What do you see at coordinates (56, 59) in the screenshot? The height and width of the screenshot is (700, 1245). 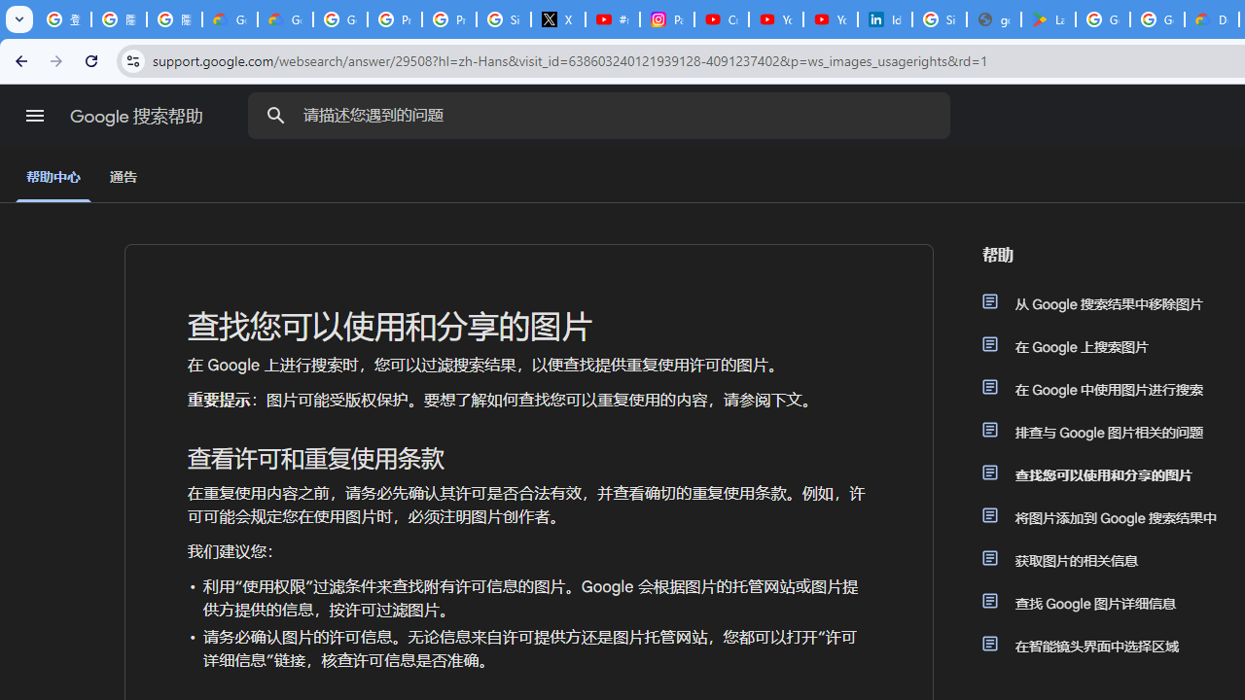 I see `'Forward'` at bounding box center [56, 59].